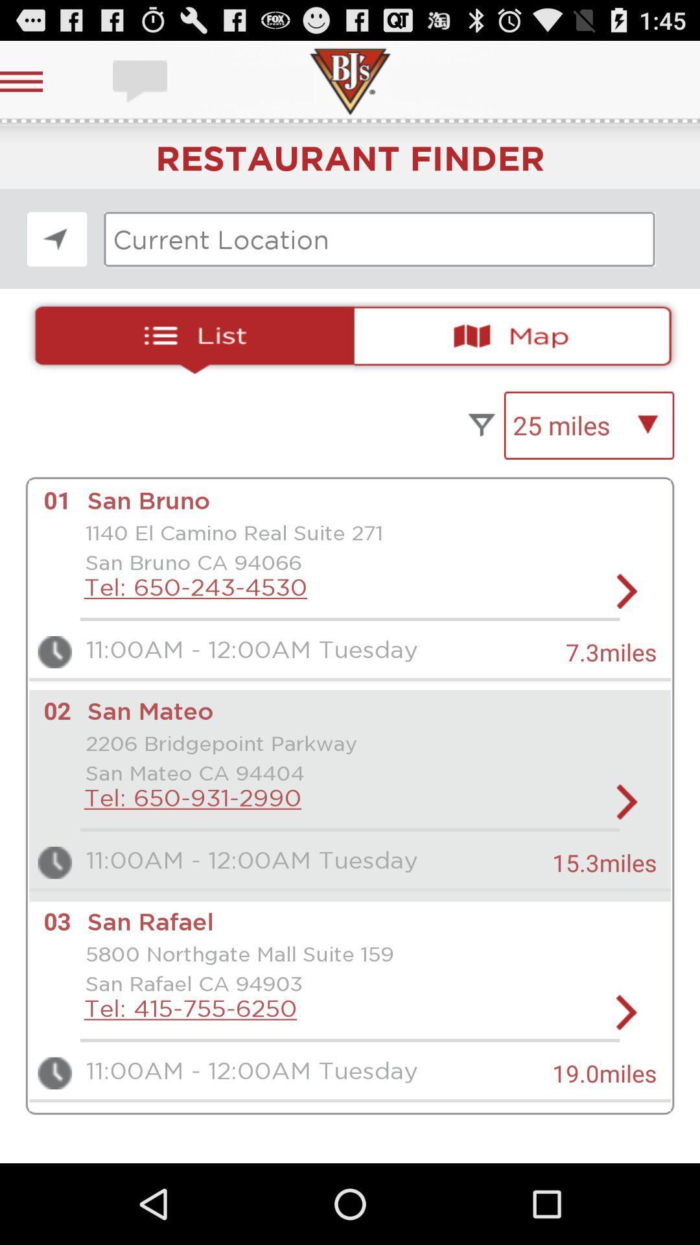  What do you see at coordinates (518, 336) in the screenshot?
I see `maps` at bounding box center [518, 336].